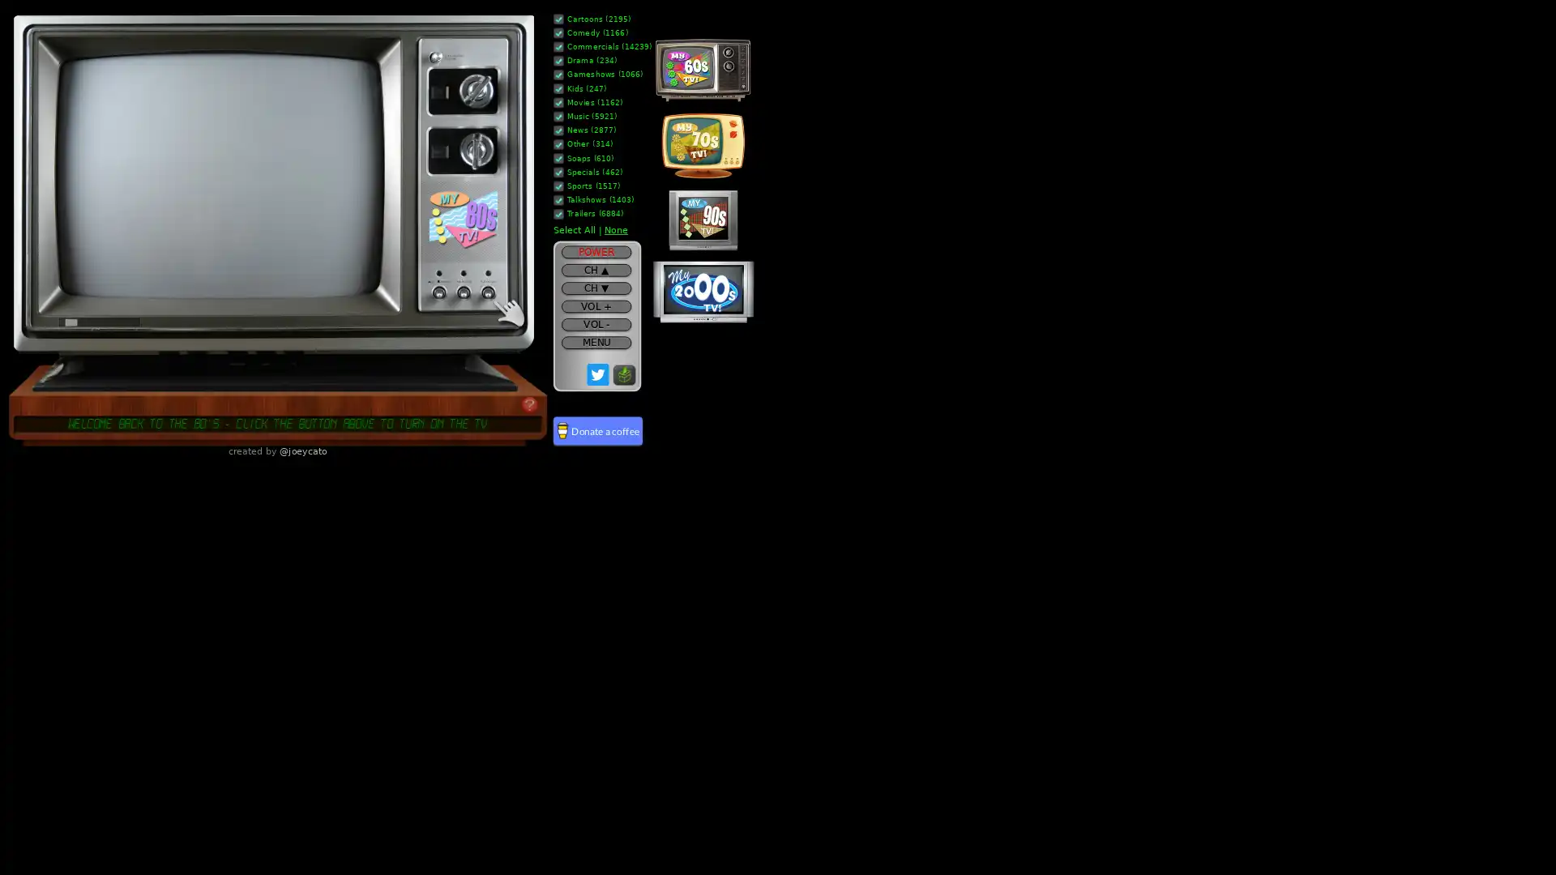 The width and height of the screenshot is (1556, 875). I want to click on VOL -, so click(595, 324).